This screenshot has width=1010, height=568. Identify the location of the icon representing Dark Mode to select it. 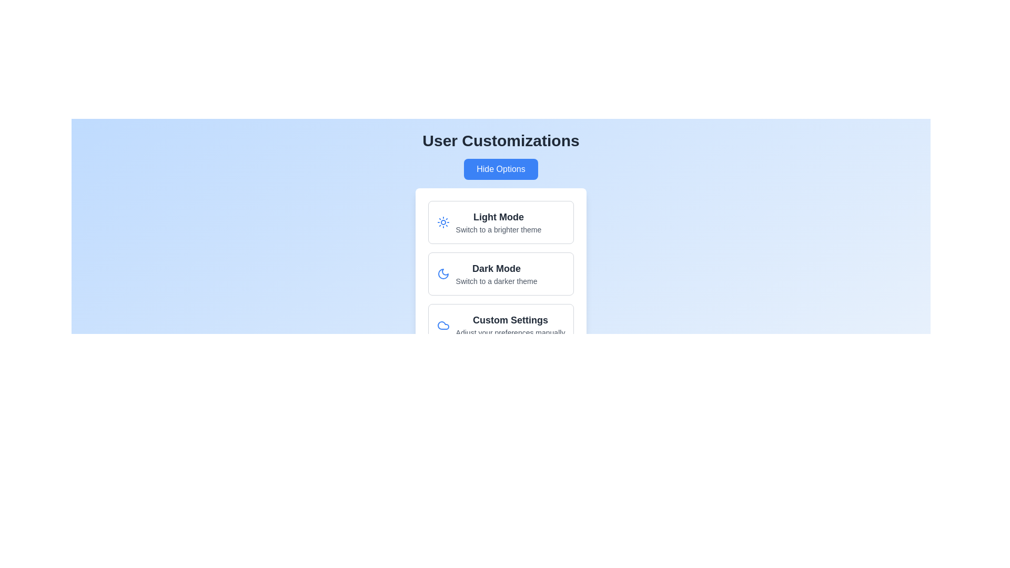
(442, 273).